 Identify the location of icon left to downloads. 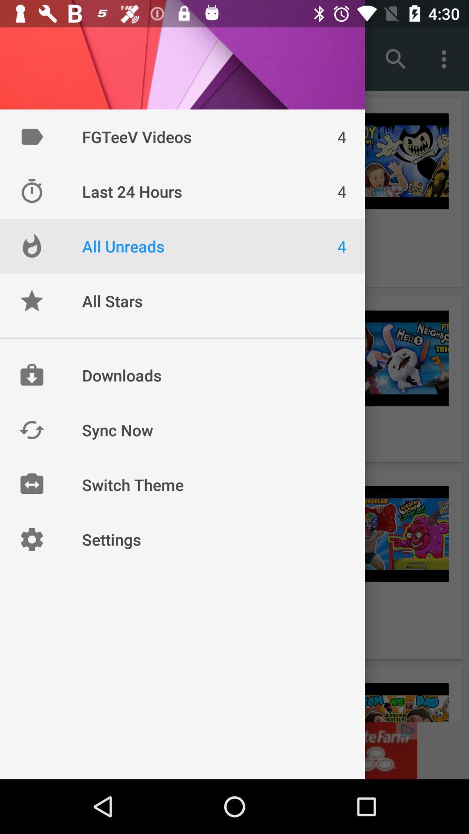
(31, 375).